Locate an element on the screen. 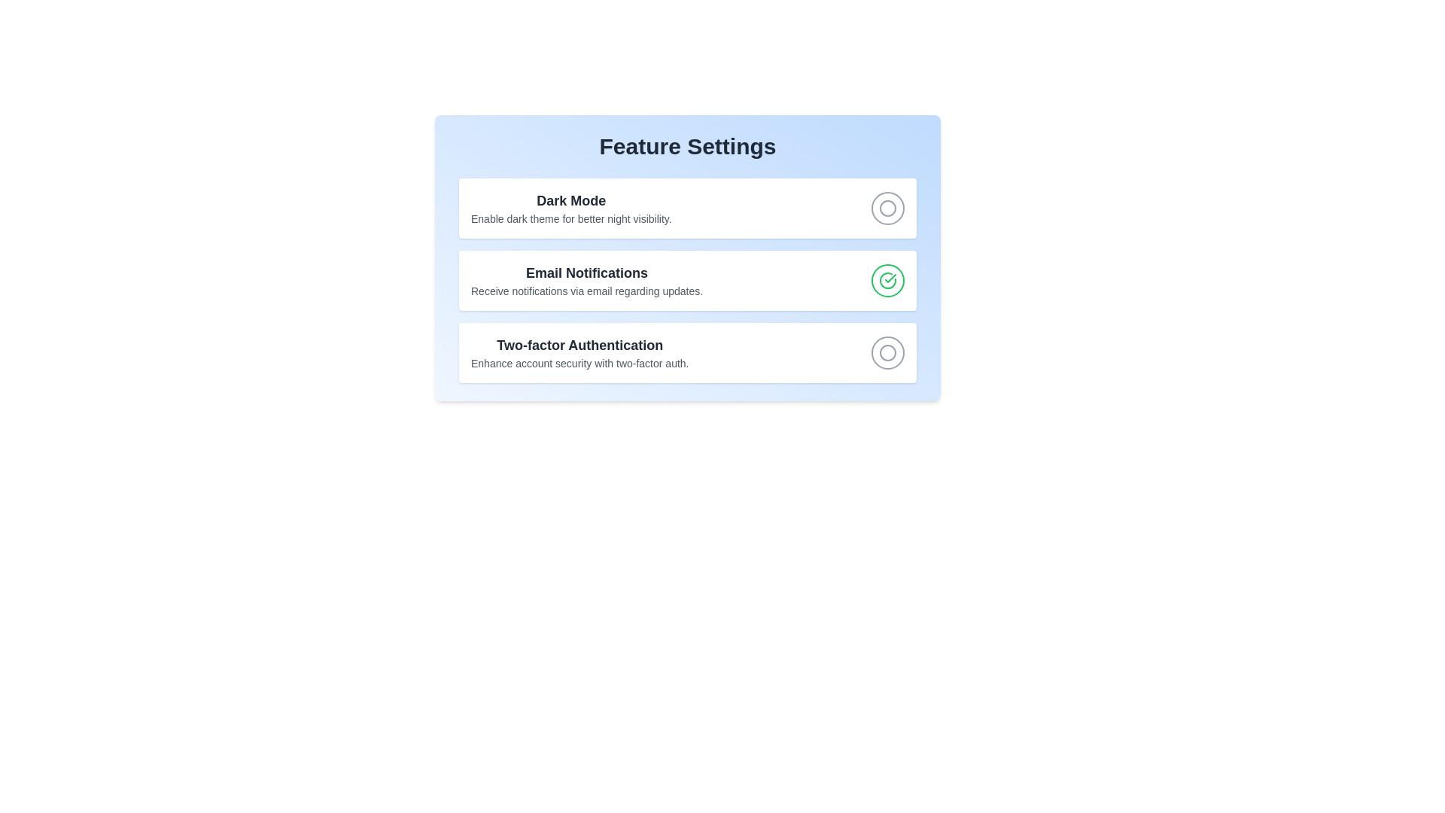 Image resolution: width=1445 pixels, height=813 pixels. the circular green button with a checkmark icon, located is located at coordinates (888, 281).